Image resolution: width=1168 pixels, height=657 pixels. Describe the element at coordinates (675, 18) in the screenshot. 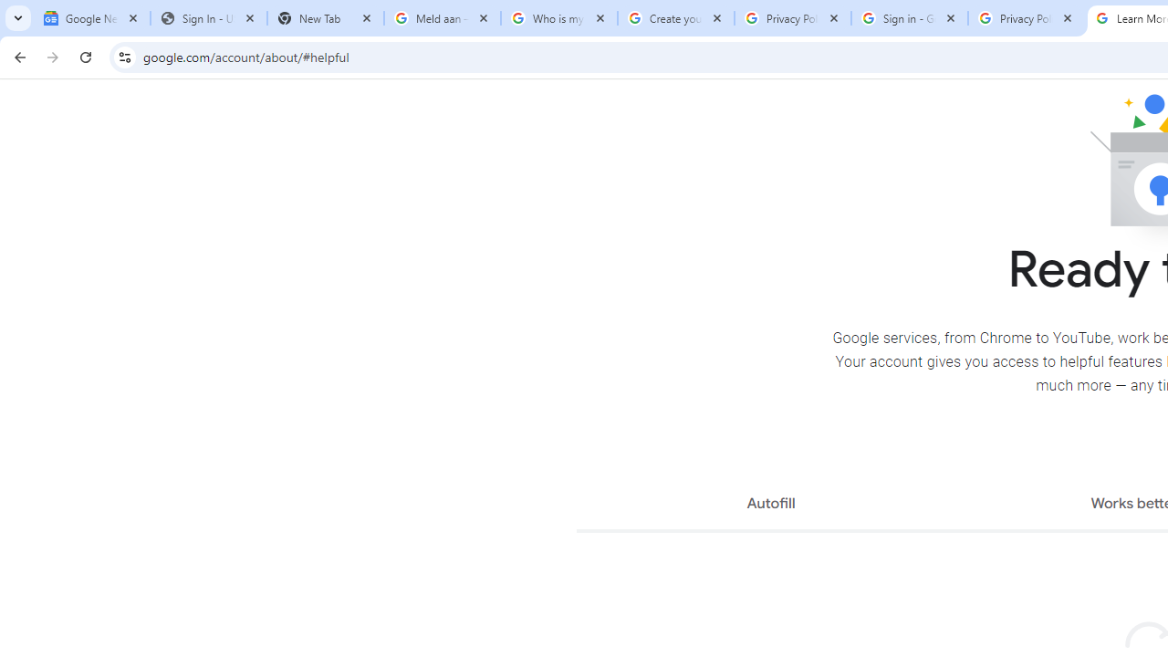

I see `'Create your Google Account'` at that location.